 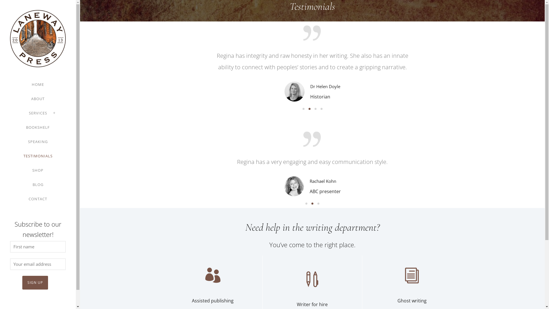 I want to click on 'SHOP', so click(x=37, y=170).